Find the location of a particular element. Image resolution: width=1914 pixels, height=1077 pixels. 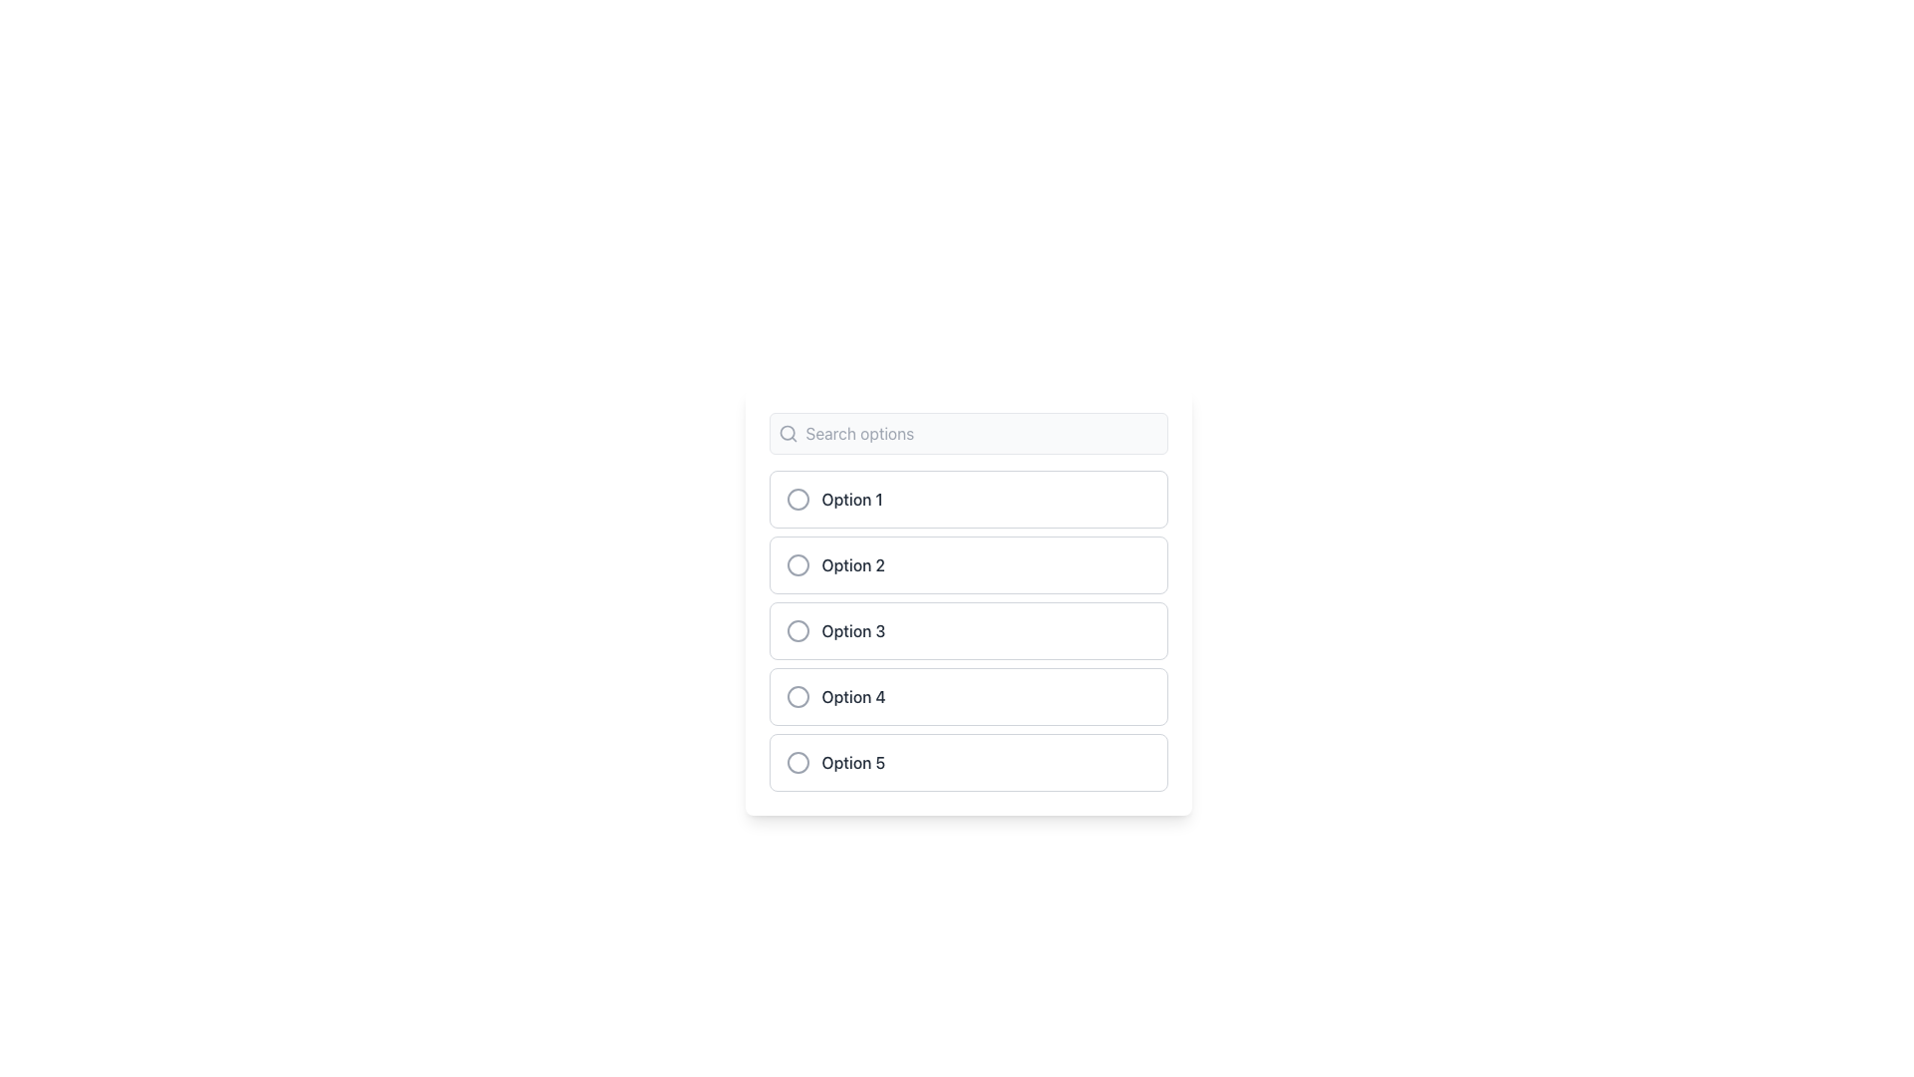

the third radio button option in a series of five vertically stacked options is located at coordinates (968, 630).